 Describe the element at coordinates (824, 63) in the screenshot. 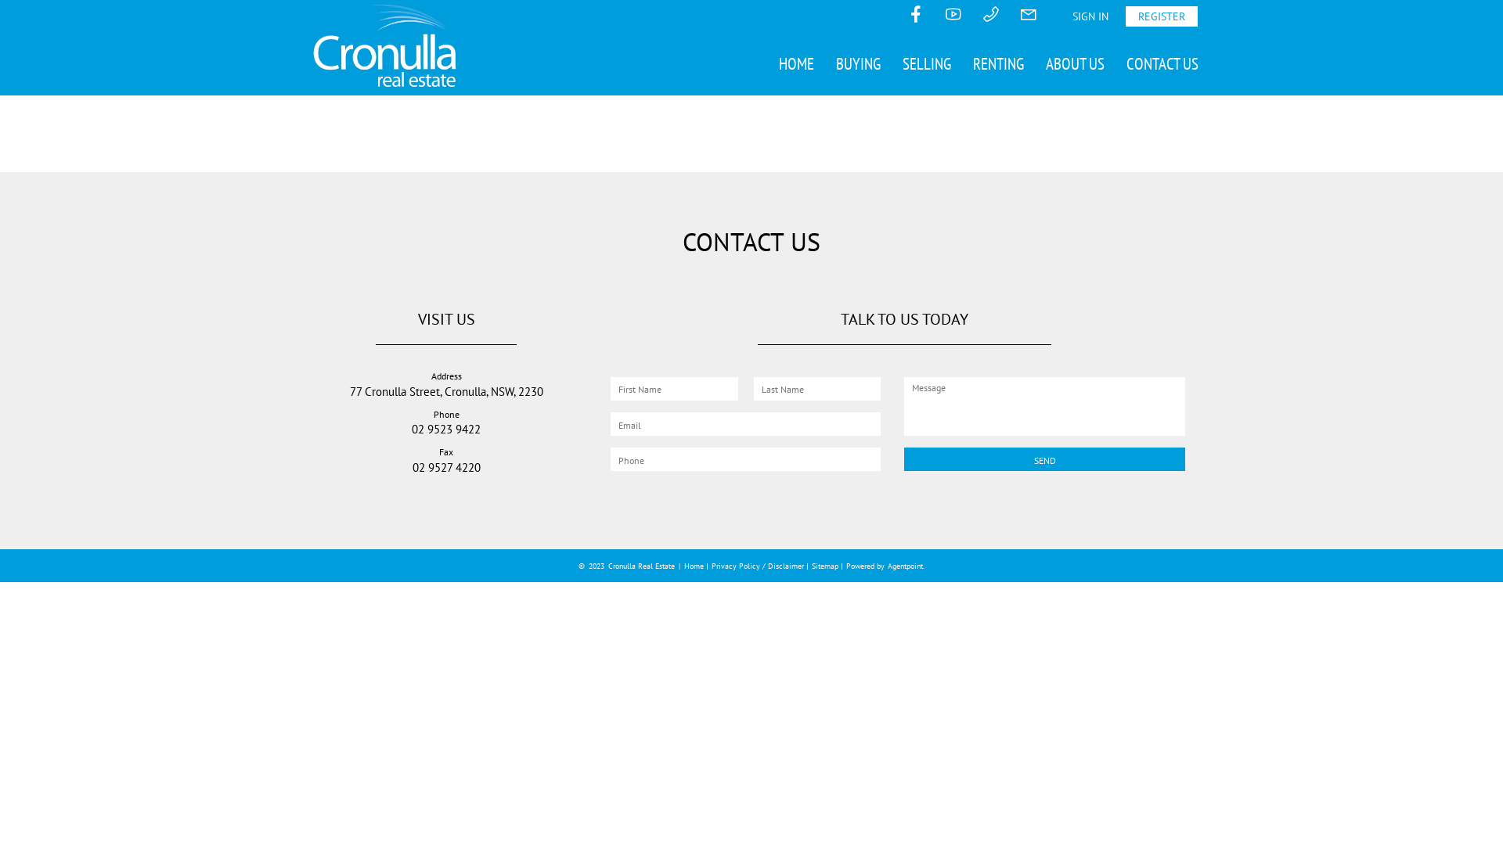

I see `'BUYING'` at that location.